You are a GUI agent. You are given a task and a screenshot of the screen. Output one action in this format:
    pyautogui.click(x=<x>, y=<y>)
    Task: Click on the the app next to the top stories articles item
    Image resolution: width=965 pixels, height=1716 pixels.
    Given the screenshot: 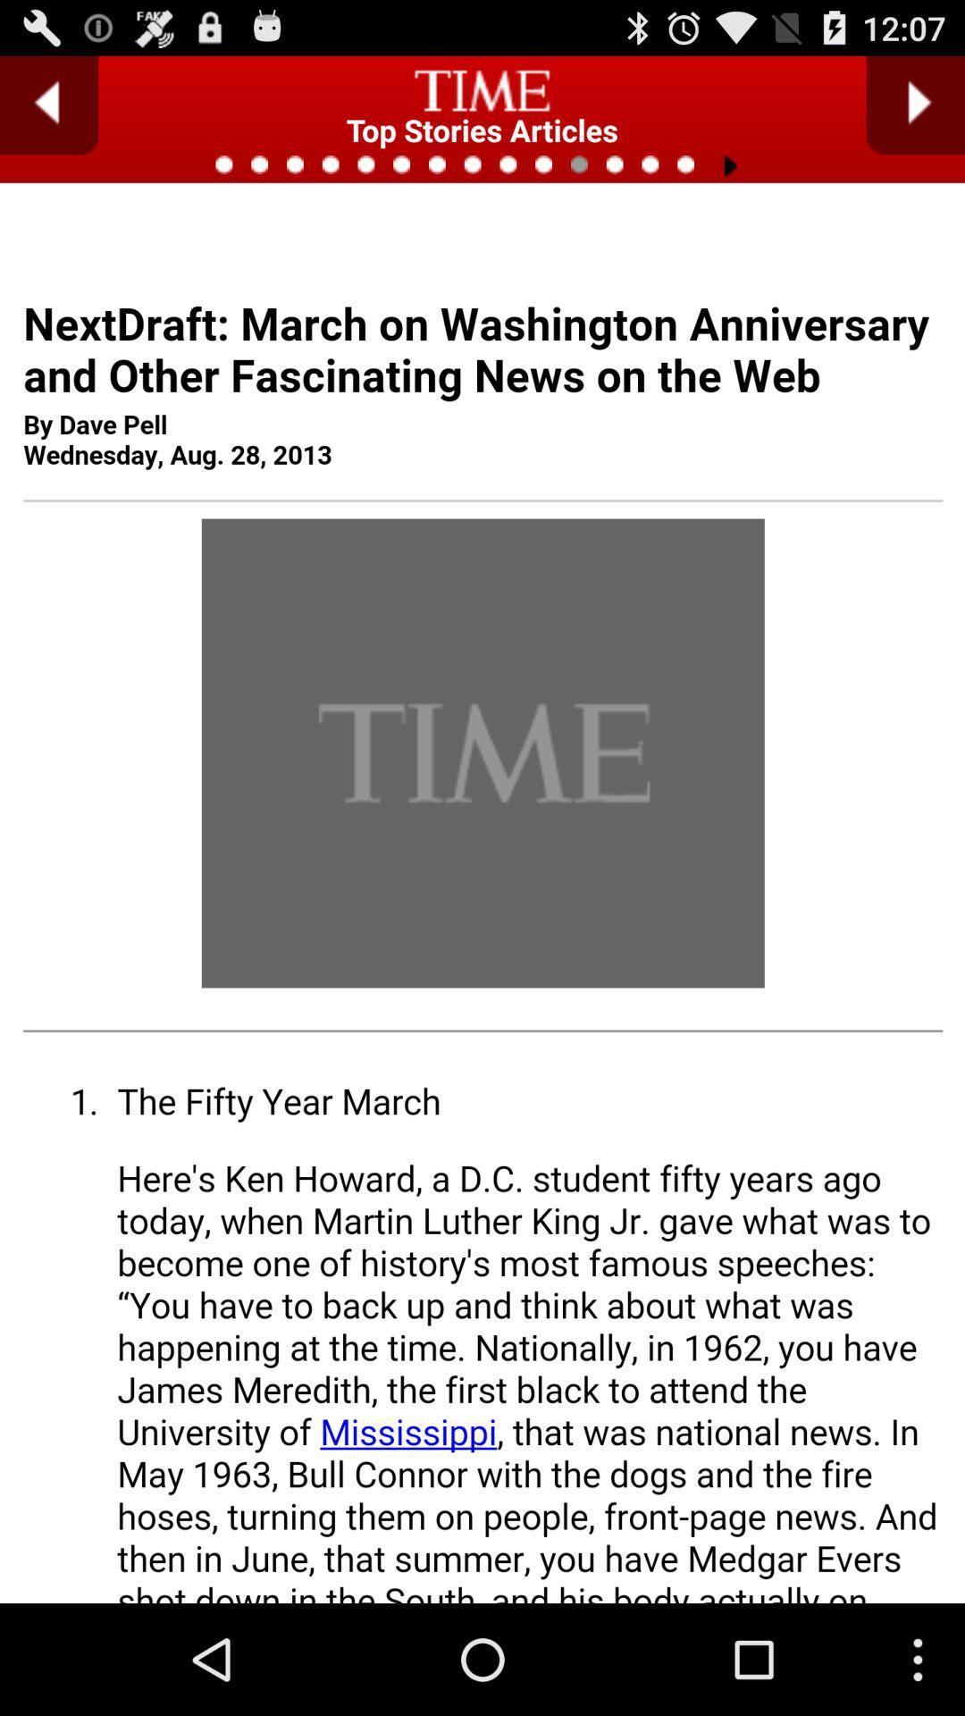 What is the action you would take?
    pyautogui.click(x=48, y=105)
    